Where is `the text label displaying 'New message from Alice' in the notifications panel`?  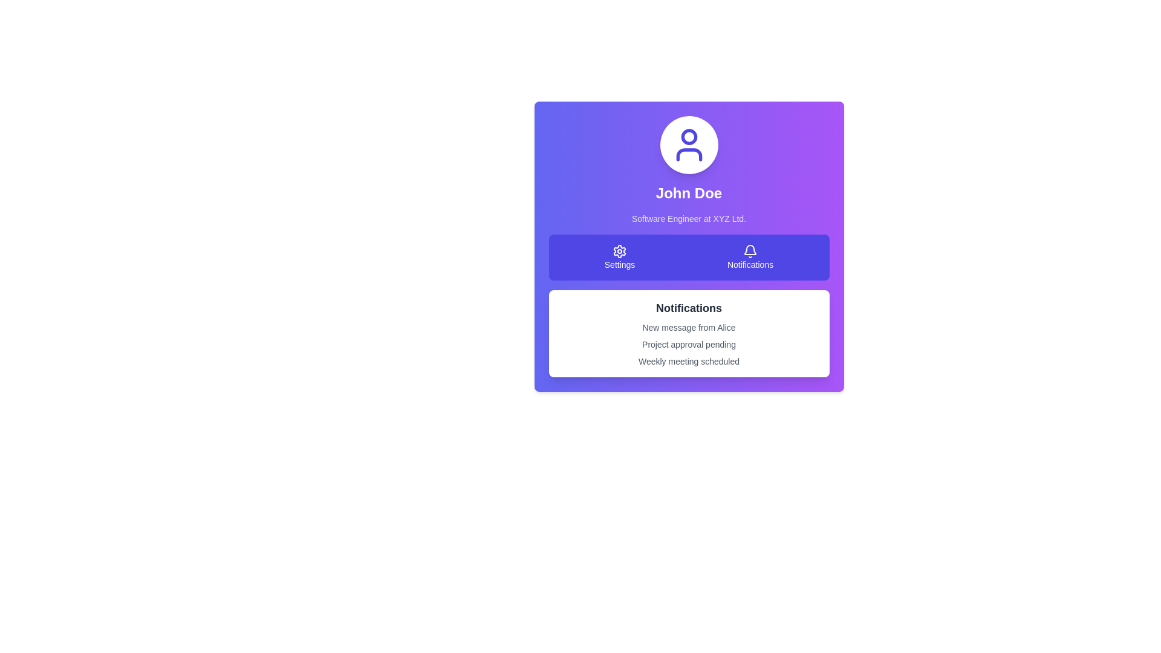
the text label displaying 'New message from Alice' in the notifications panel is located at coordinates (689, 328).